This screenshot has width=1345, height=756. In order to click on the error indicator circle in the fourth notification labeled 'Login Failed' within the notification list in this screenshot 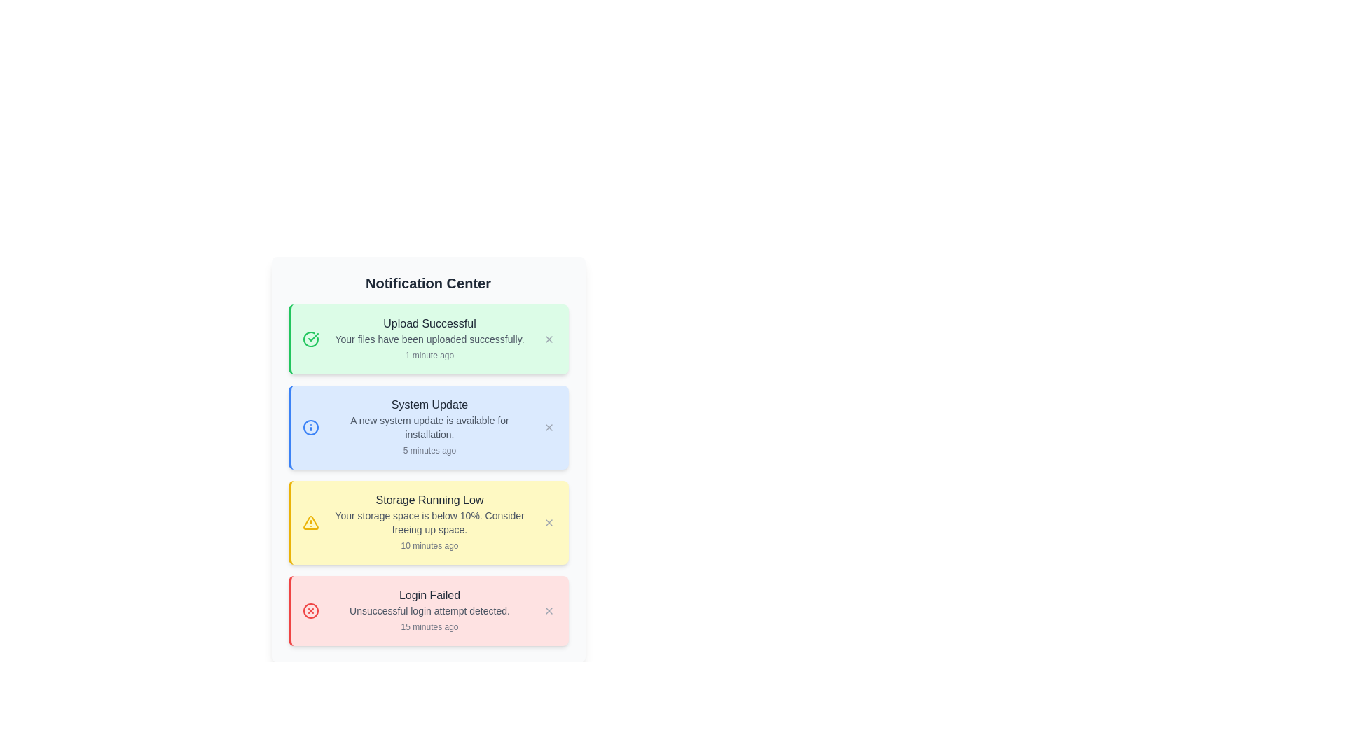, I will do `click(310, 610)`.